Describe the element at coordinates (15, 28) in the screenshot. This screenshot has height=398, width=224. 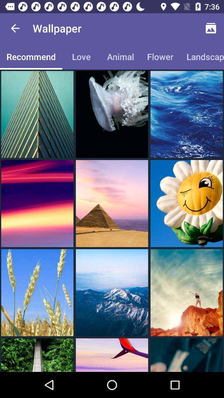
I see `the app to the left of the wallpaper icon` at that location.